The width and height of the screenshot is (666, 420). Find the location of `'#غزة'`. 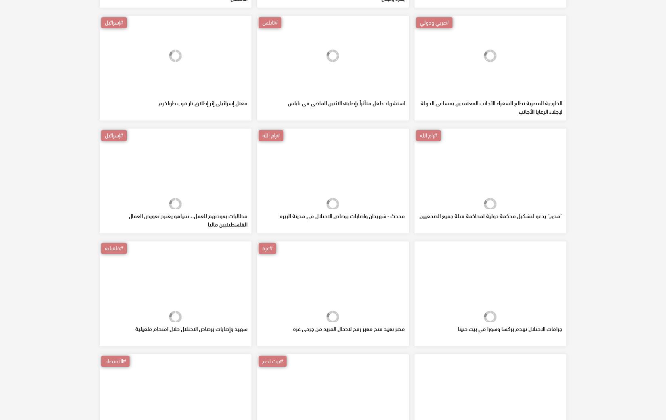

'#غزة' is located at coordinates (261, 306).